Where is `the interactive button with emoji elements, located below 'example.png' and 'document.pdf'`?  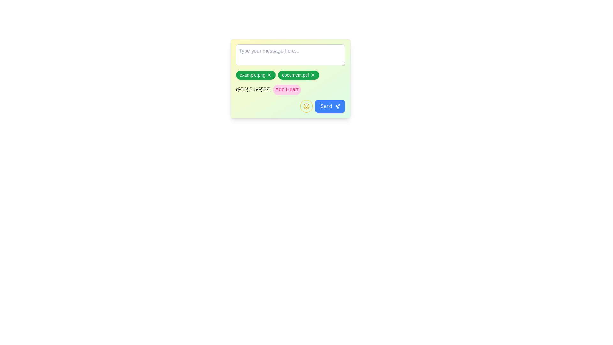
the interactive button with emoji elements, located below 'example.png' and 'document.pdf' is located at coordinates (290, 90).